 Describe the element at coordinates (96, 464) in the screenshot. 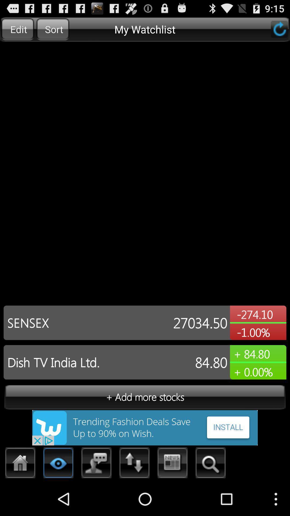

I see `sms option` at that location.